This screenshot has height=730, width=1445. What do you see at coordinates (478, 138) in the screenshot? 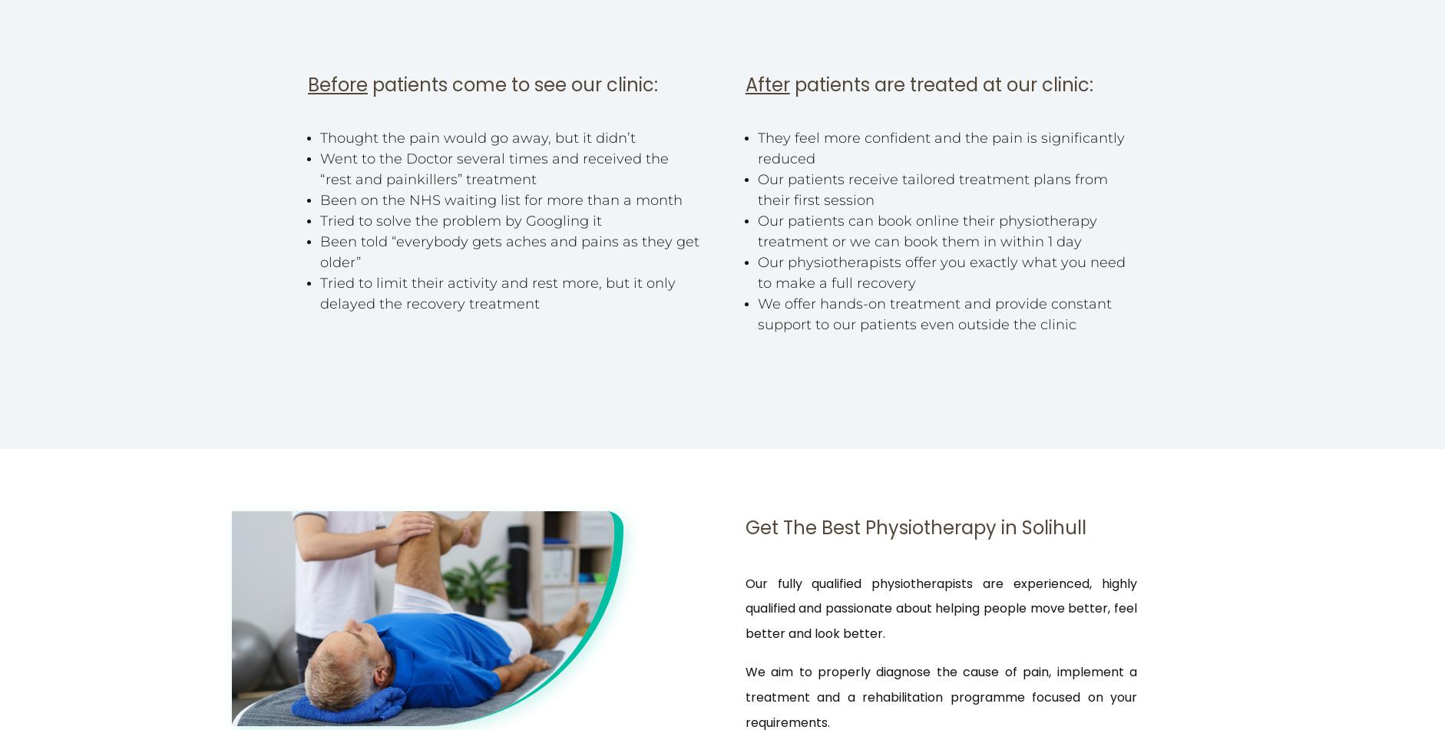
I see `'Thought the pain would go away, but it didn’t'` at bounding box center [478, 138].